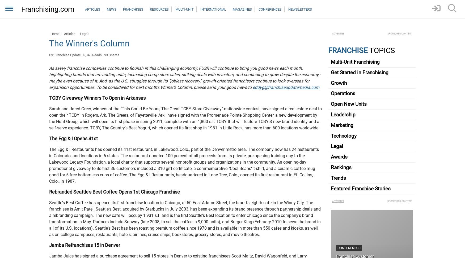 The image size is (465, 258). What do you see at coordinates (185, 118) in the screenshot?
I see `'Sarah and Jared Greer, winners of the "This Could Be Yours, The Great TCBY Store Giveaway" nationwide contest, have signed a real estate deal to open their TCBY in Rogers, Ark. The Greers, of Fayetteville, Ark., have signed with the Promenade Pointe Shopping Center, a new development by the Hunt Group, which will open its first phase in spring 2011, complete with an 1,800-s.f. TCBY that will feature TCBY'S new brand identity and a self-serve experience. TCBY, The Country's Best Yogurt, which opened its first shop in 1981 in Little Rock, has more than 600 locations worldwide.'` at bounding box center [185, 118].